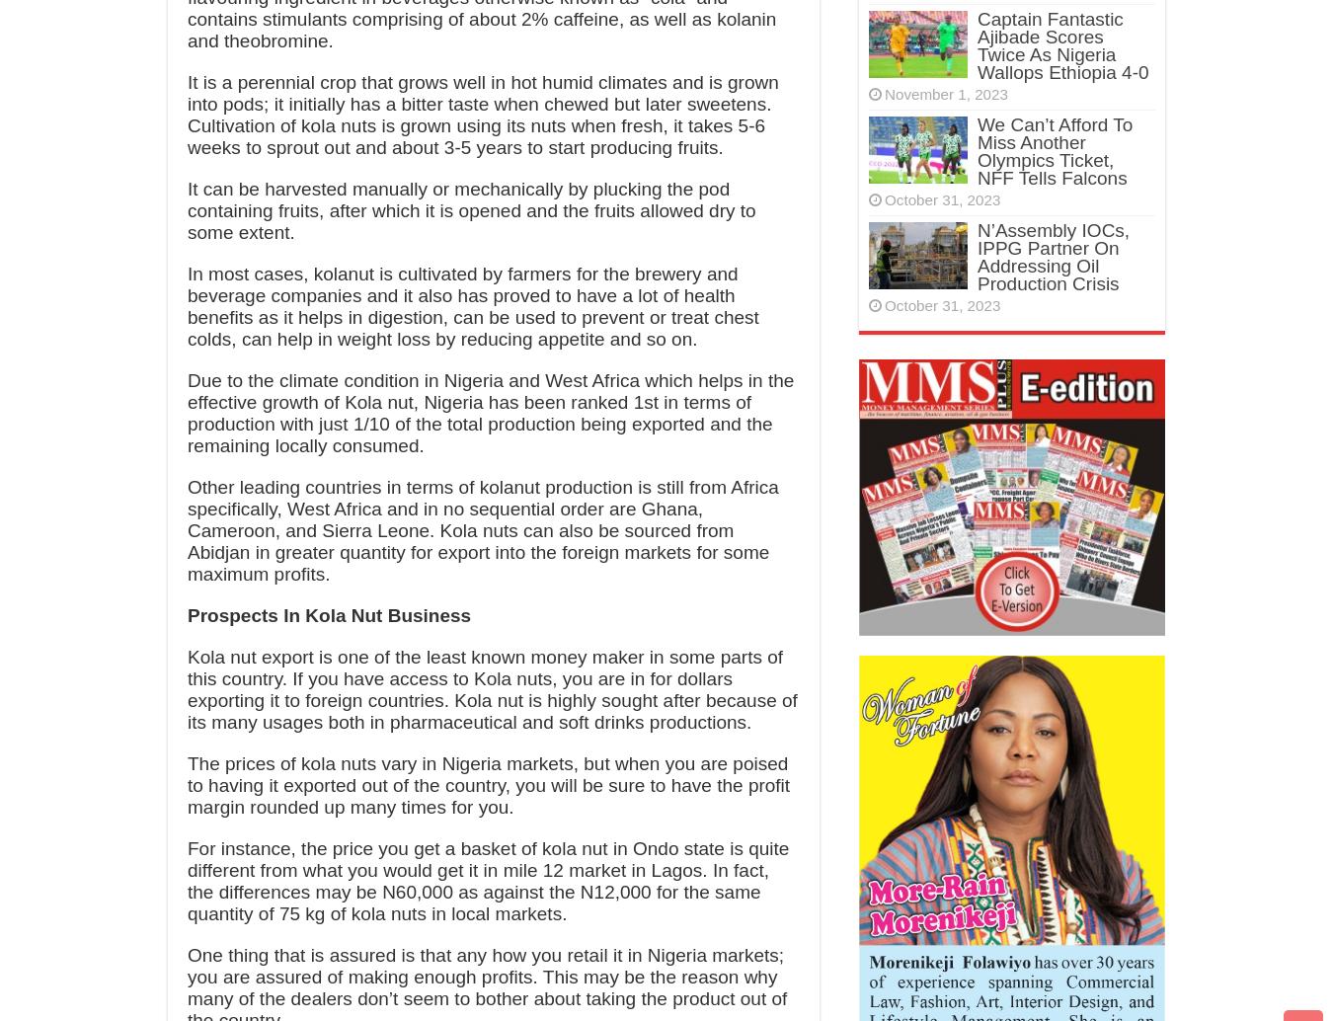 The width and height of the screenshot is (1333, 1021). I want to click on 'We Can’t Afford To Miss Another Olympics Ticket, NFF Tells Falcons', so click(976, 151).